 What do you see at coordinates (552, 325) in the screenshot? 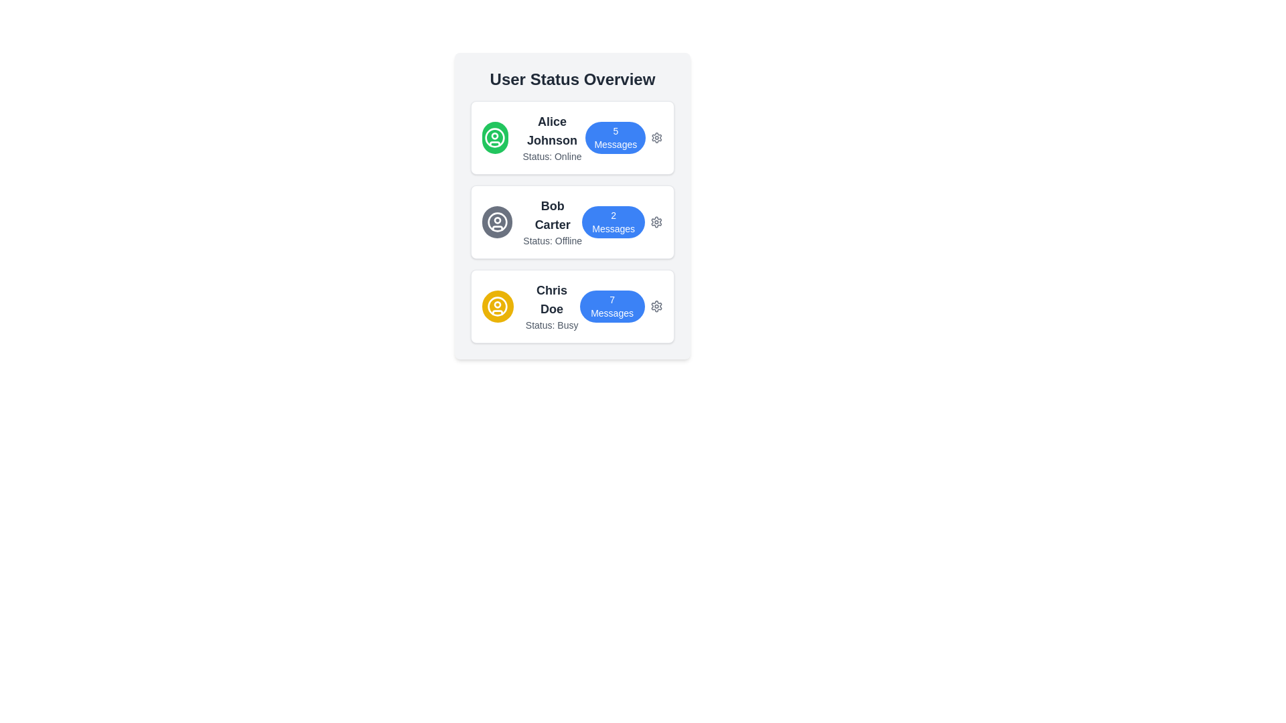
I see `the text label displaying 'Status: busy' located below the user's name 'Chris Doe' in the third user information card` at bounding box center [552, 325].